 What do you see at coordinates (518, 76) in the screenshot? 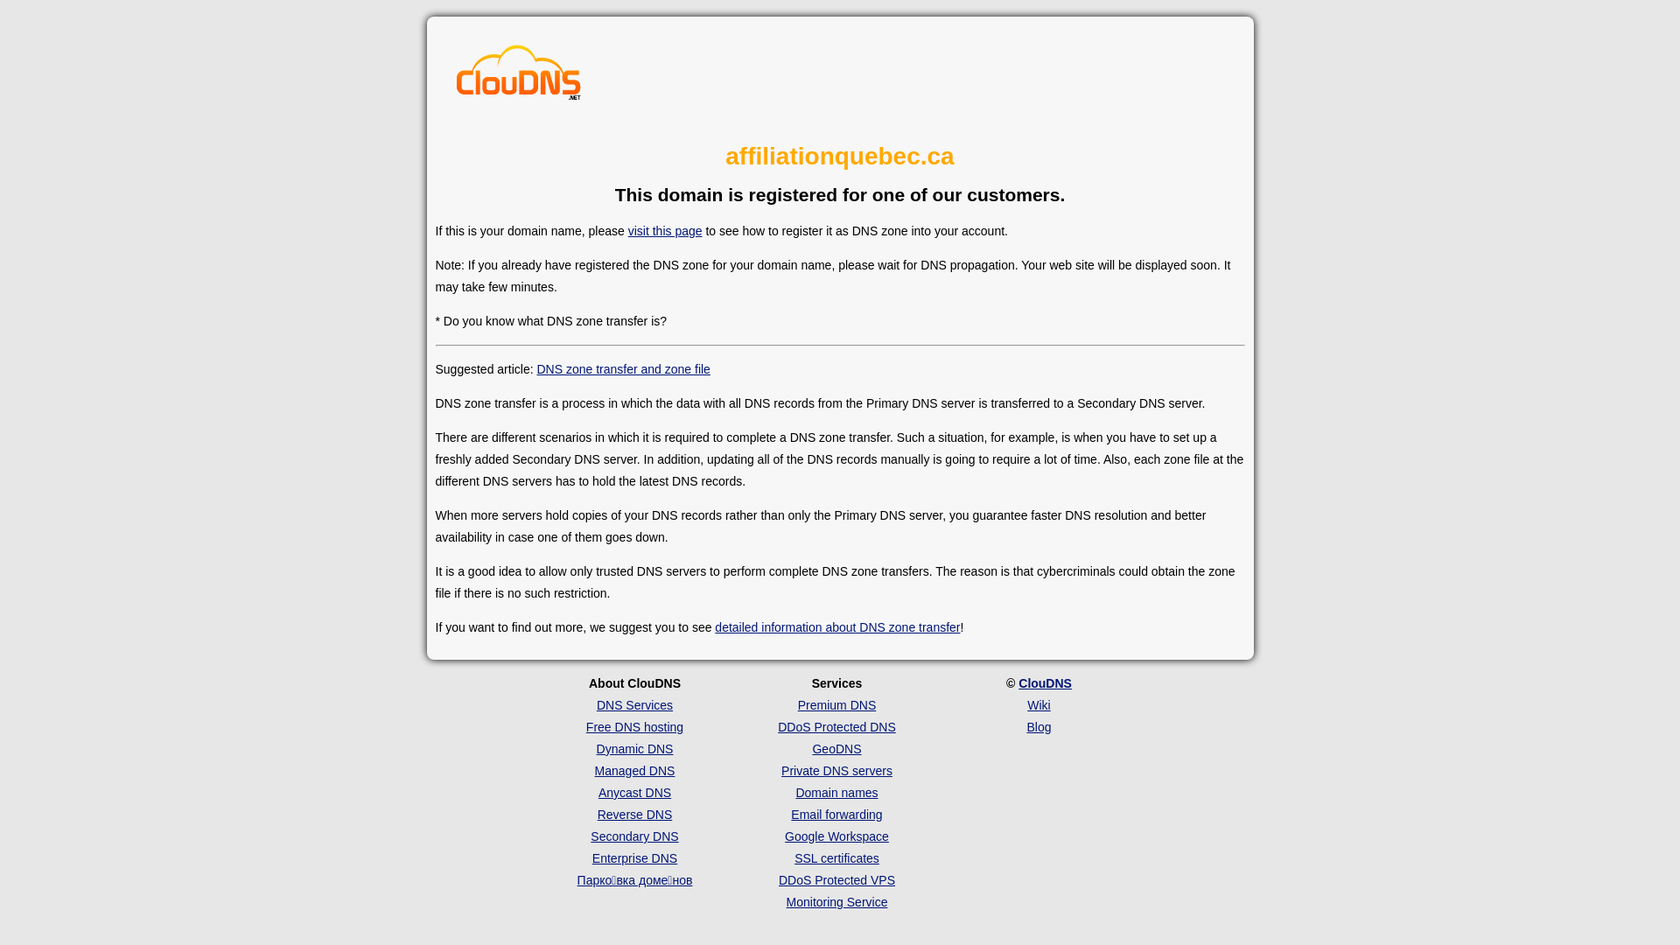
I see `'Cloud DNS'` at bounding box center [518, 76].